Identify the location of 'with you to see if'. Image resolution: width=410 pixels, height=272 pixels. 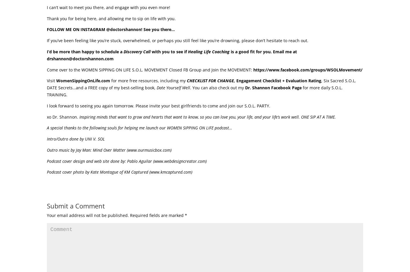
(169, 51).